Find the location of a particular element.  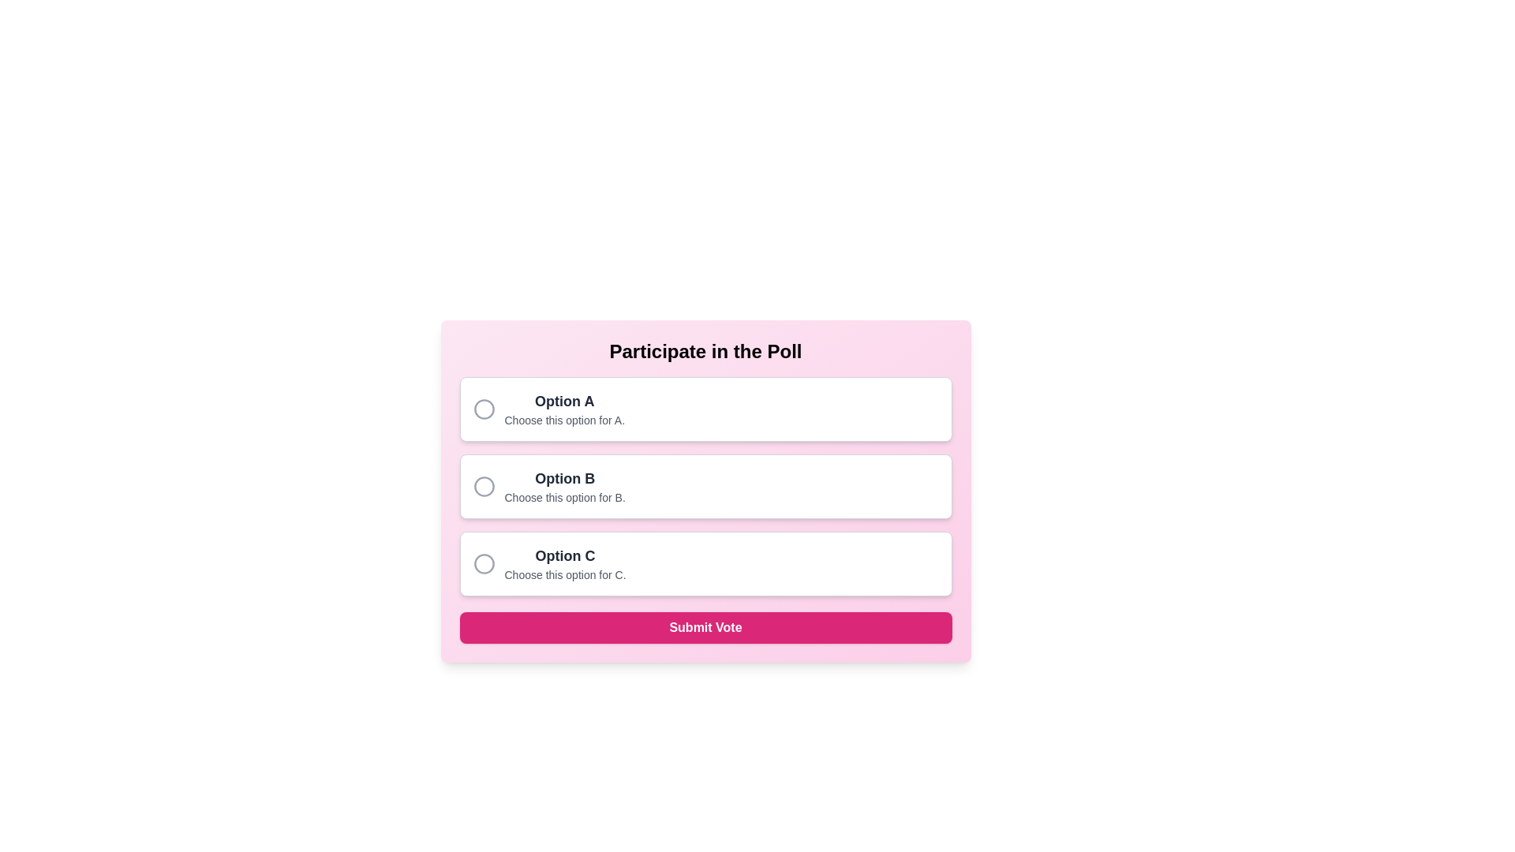

the radio button for Option C, which is a circular outline located to the left of the text 'Option C' in the poll options is located at coordinates (483, 562).